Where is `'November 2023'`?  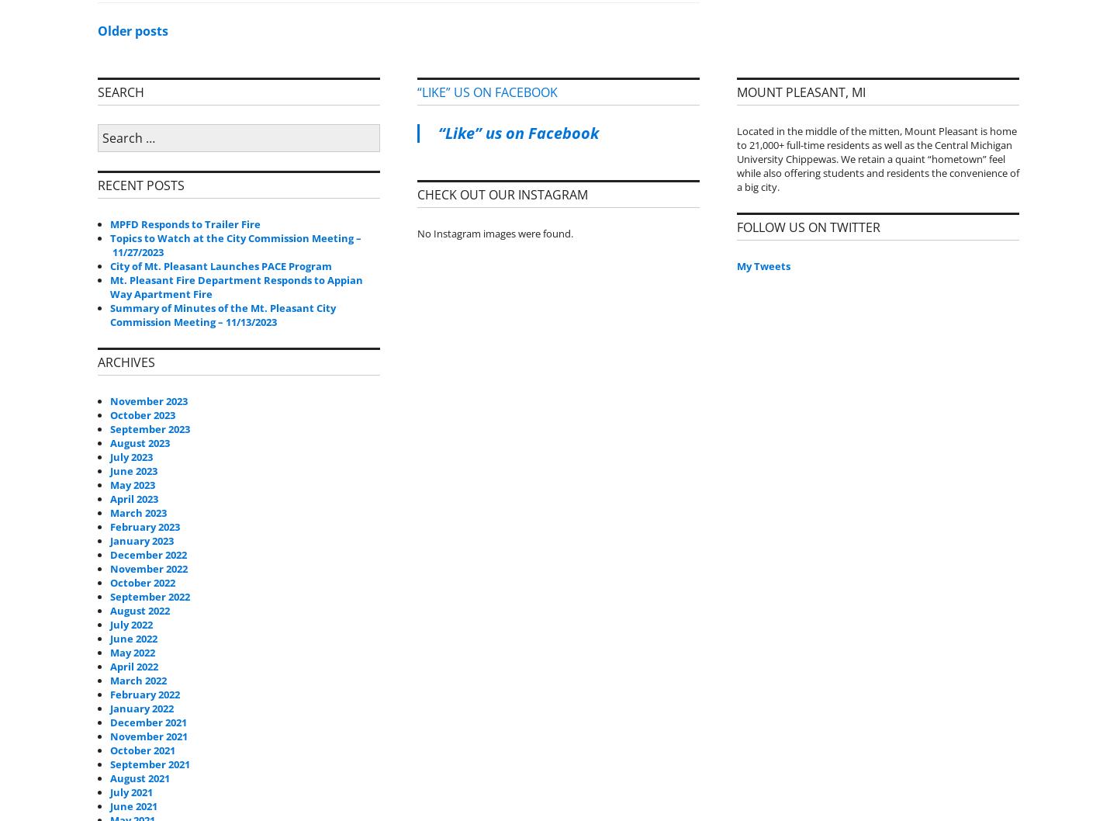
'November 2023' is located at coordinates (148, 399).